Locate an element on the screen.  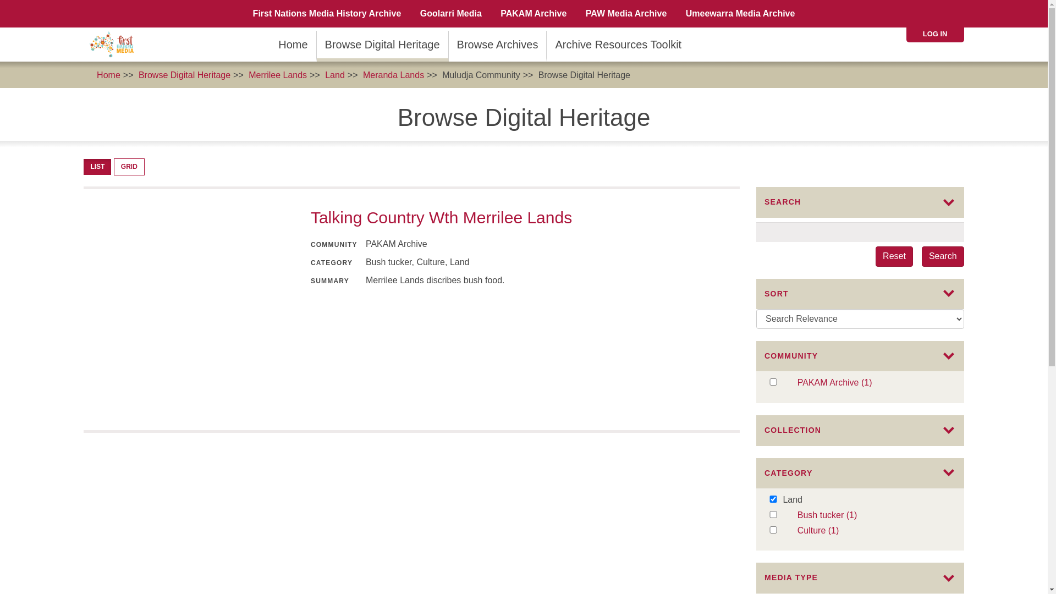
'Talking Country With Merrilee Land' is located at coordinates (187, 310).